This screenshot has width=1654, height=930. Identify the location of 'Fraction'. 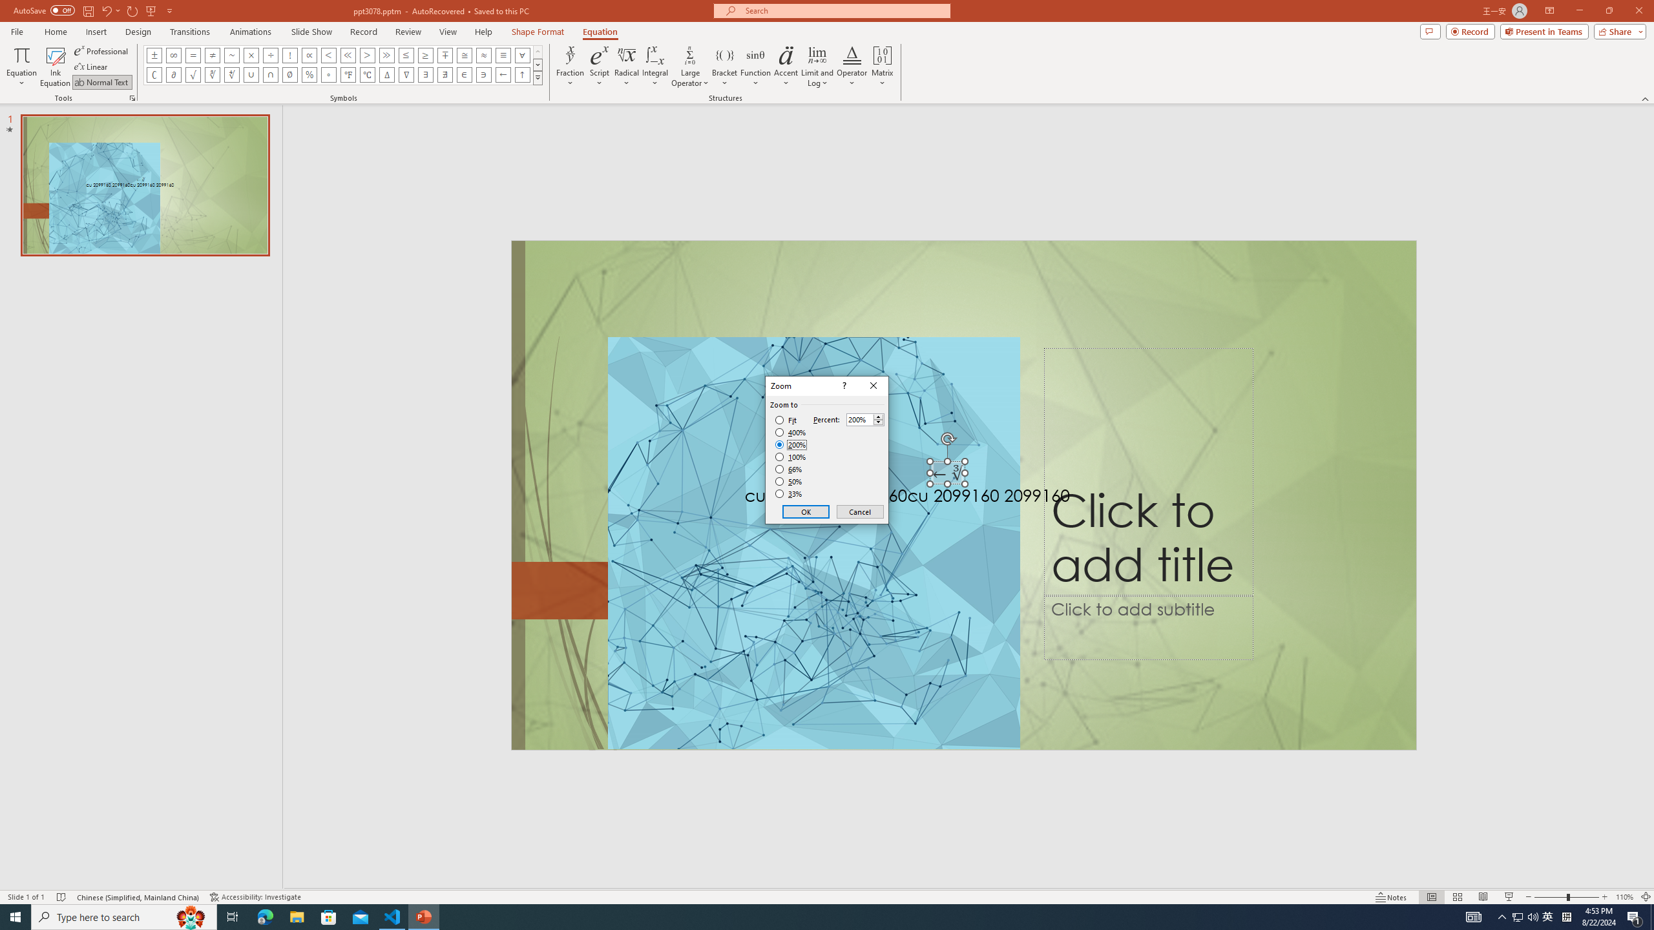
(570, 67).